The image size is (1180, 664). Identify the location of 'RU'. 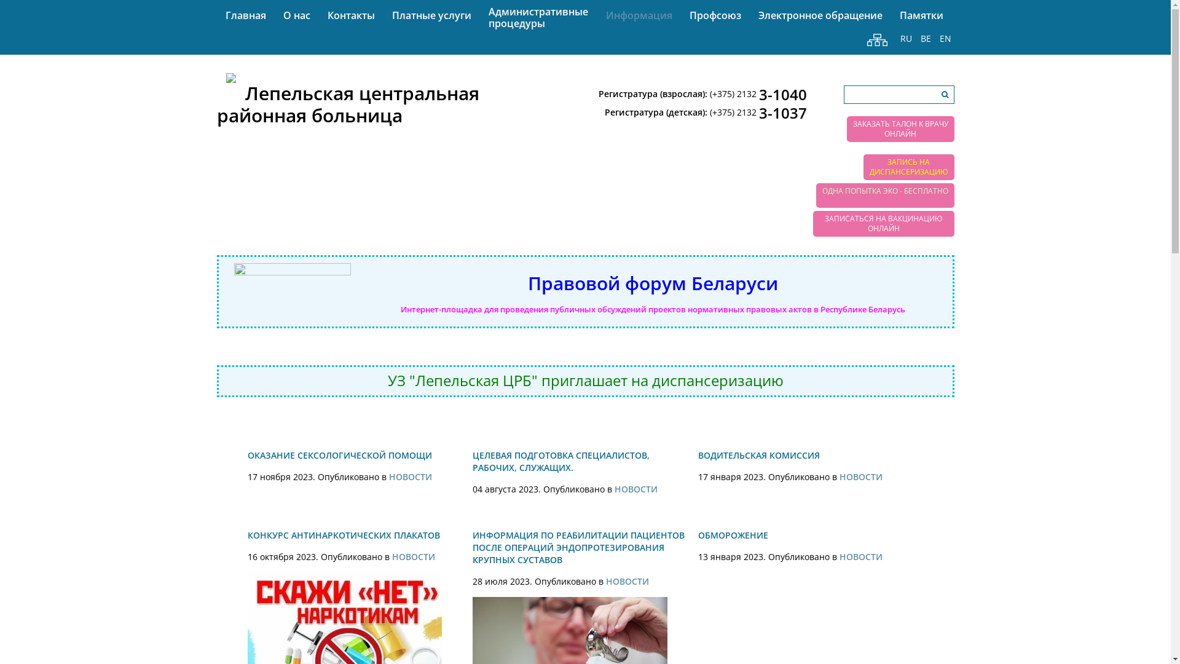
(906, 38).